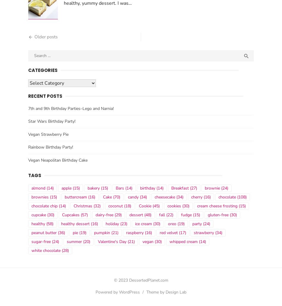 Image resolution: width=282 pixels, height=306 pixels. I want to click on '(48)', so click(147, 217).